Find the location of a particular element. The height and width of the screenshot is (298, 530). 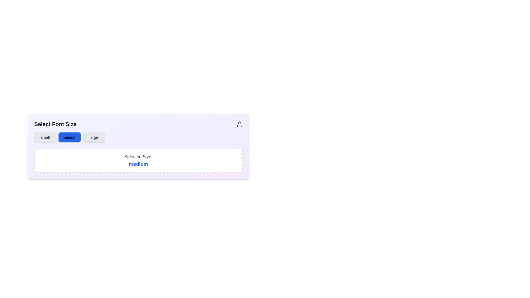

the informational display box that shows 'Selected Size: medium' with a white background and dashed gray borders is located at coordinates (138, 161).